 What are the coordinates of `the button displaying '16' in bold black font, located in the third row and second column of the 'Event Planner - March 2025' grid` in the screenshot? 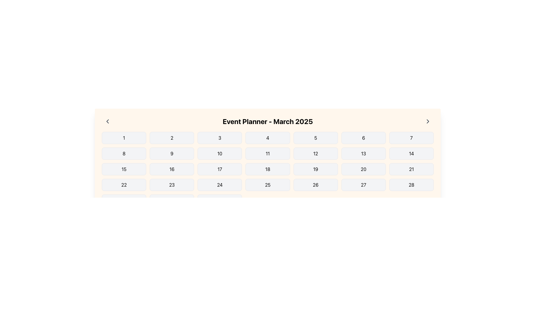 It's located at (171, 169).